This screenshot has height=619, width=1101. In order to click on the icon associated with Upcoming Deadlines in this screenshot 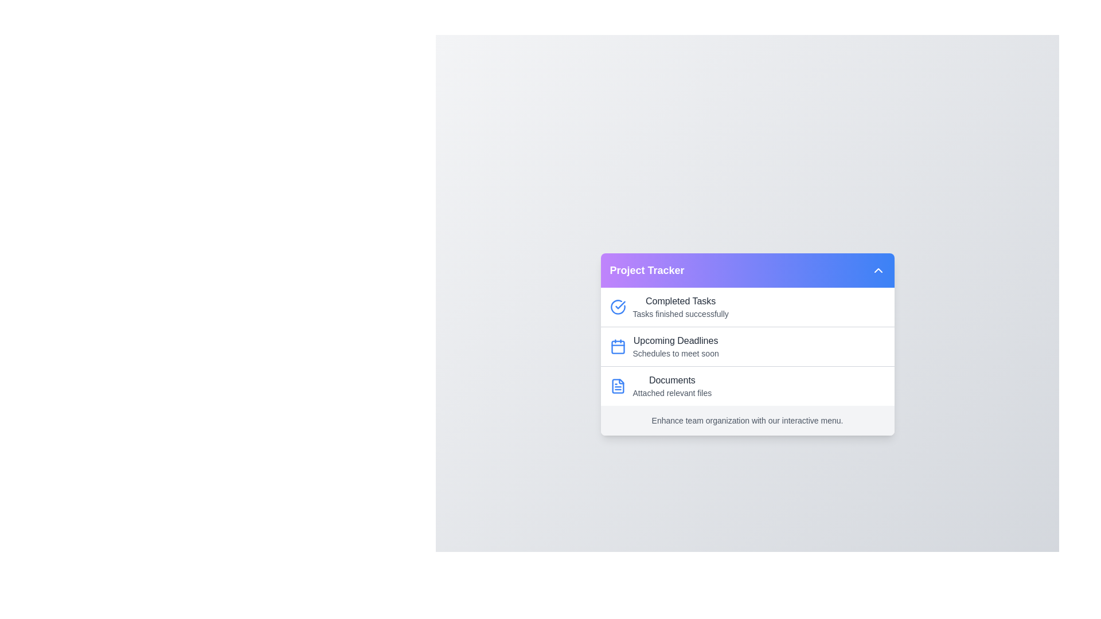, I will do `click(617, 346)`.